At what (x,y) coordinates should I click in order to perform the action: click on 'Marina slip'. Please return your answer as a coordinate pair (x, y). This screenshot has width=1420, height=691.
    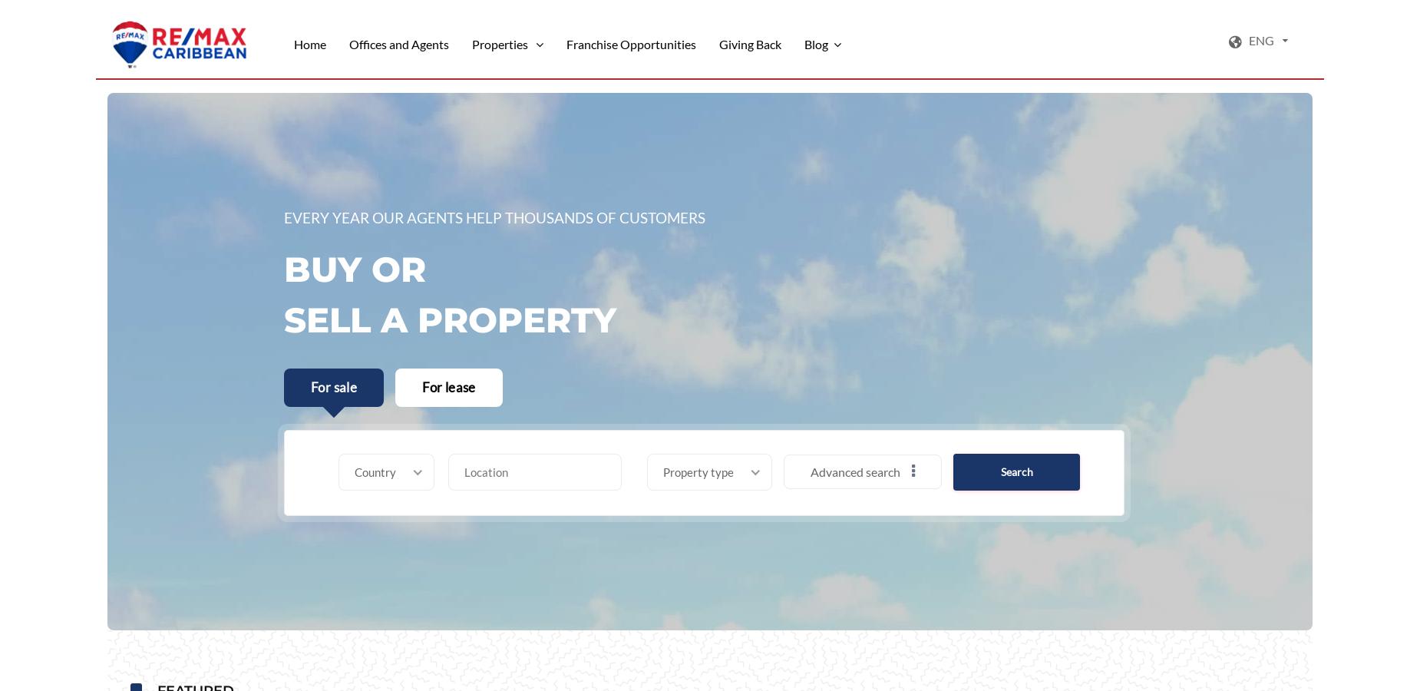
    Looking at the image, I should click on (696, 657).